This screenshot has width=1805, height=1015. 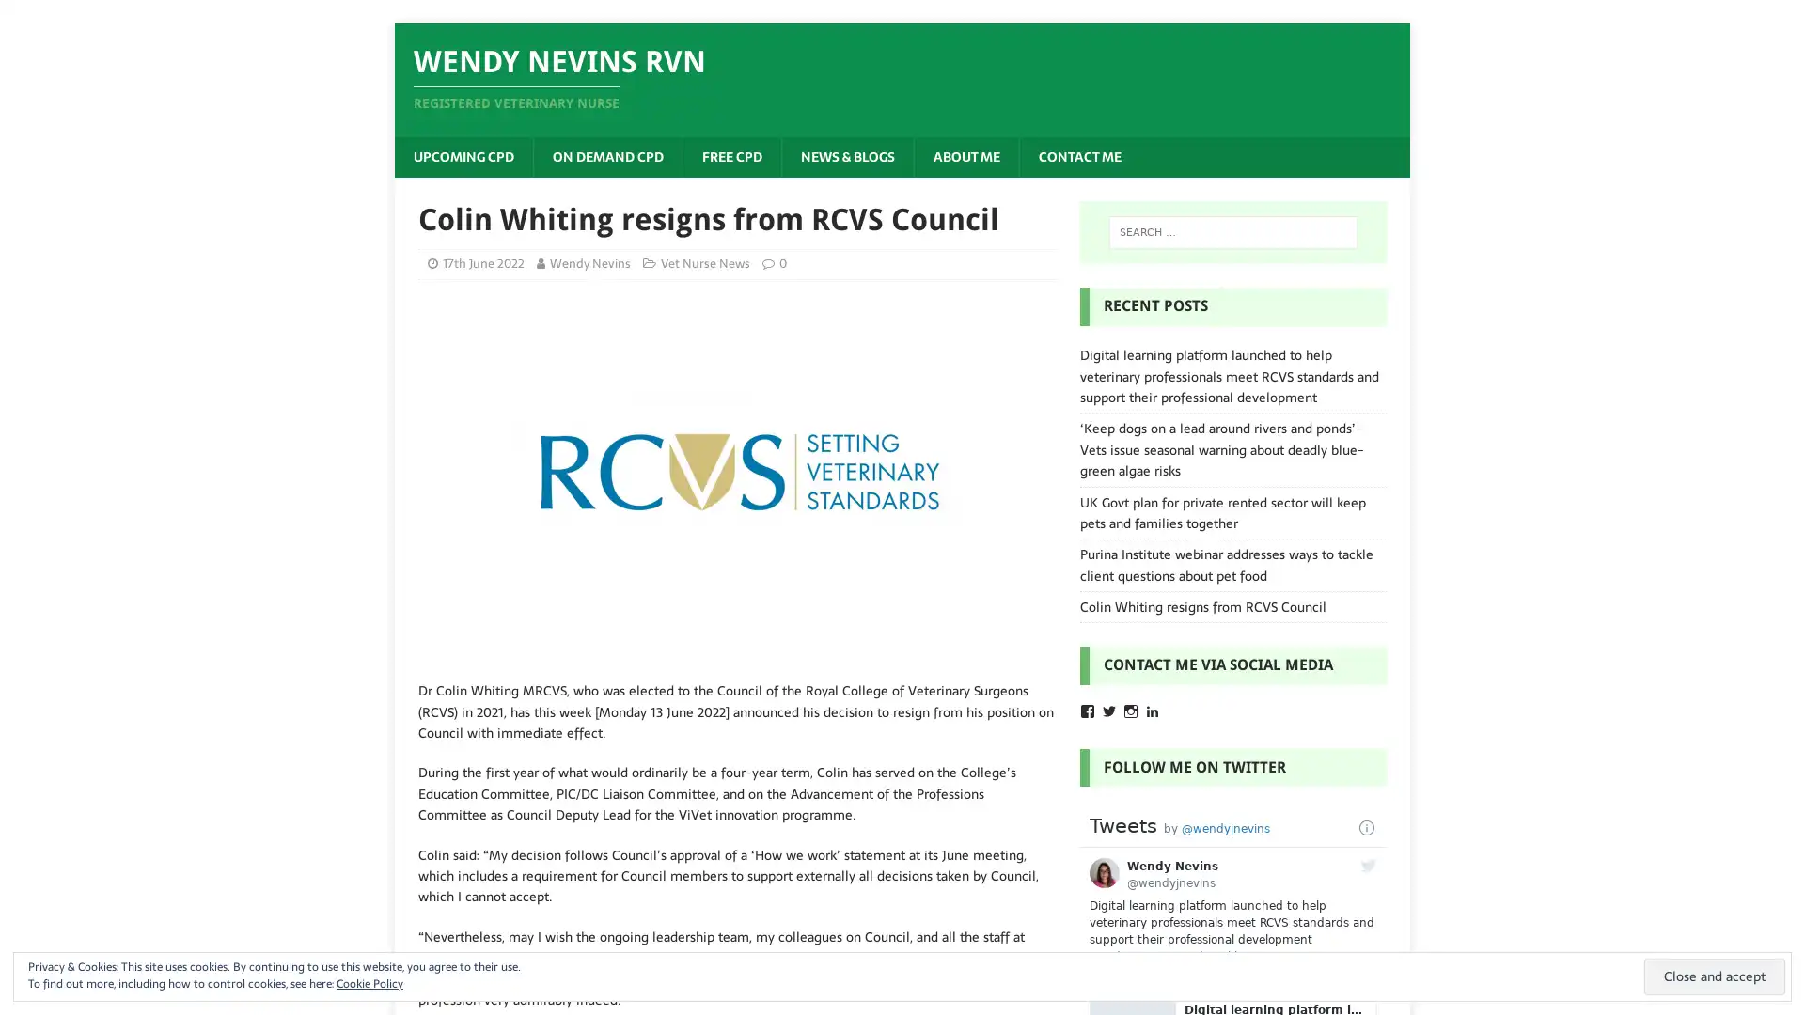 I want to click on Close and accept, so click(x=1715, y=976).